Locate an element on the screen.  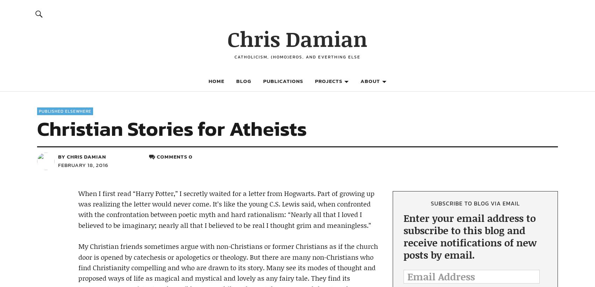
'I’m a writer, speaker, and attorney living in the great state of Minnesota. For work, I negotiate Fortune 50 commercial contracts and write corporate policy. But mostly, I’m a compulsive writer. I write pretty much everything: fiction, poetry, essays, academic works, and music. Otherwise, you can find me hosting dinner parties, book clubs, and creative writing workshops out of my home.' is located at coordinates (472, 77).